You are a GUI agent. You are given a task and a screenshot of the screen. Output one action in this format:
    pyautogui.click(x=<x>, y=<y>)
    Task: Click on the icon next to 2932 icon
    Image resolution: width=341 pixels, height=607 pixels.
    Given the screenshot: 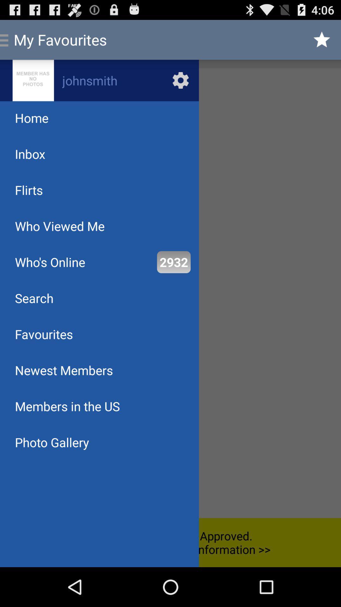 What is the action you would take?
    pyautogui.click(x=50, y=262)
    